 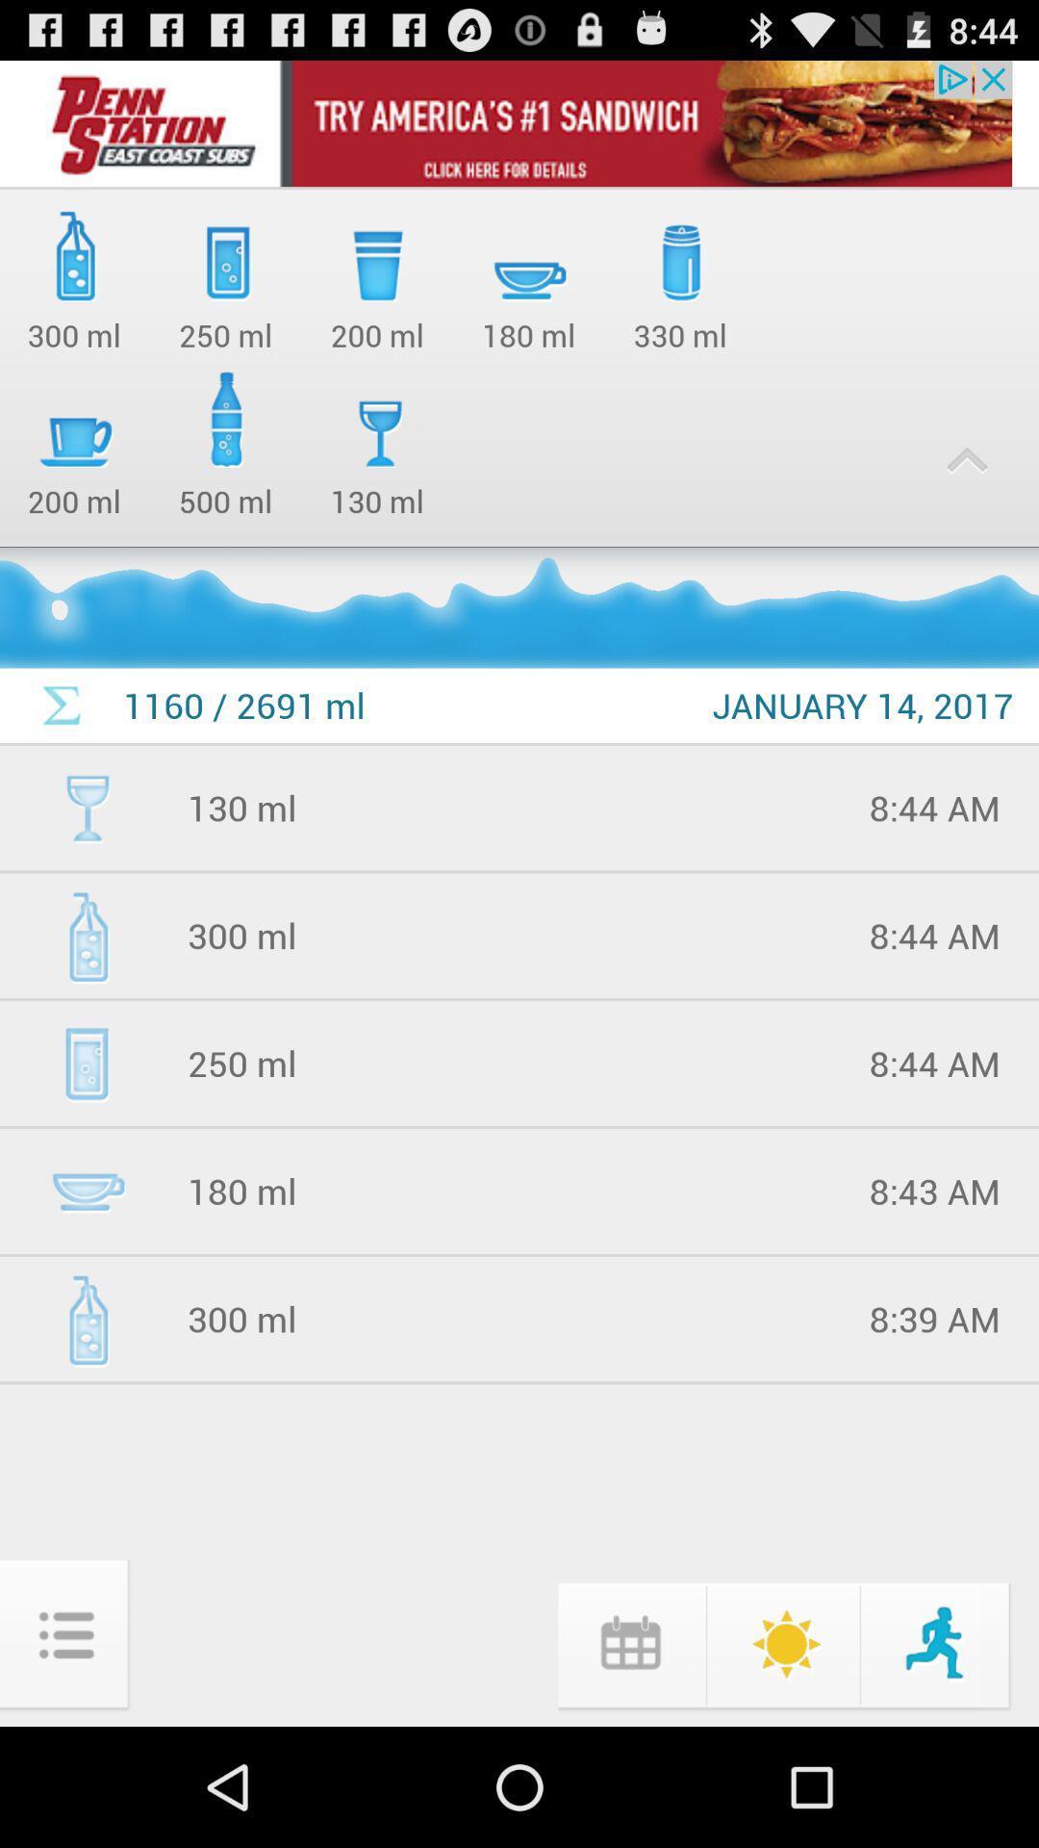 What do you see at coordinates (65, 1752) in the screenshot?
I see `the list icon` at bounding box center [65, 1752].